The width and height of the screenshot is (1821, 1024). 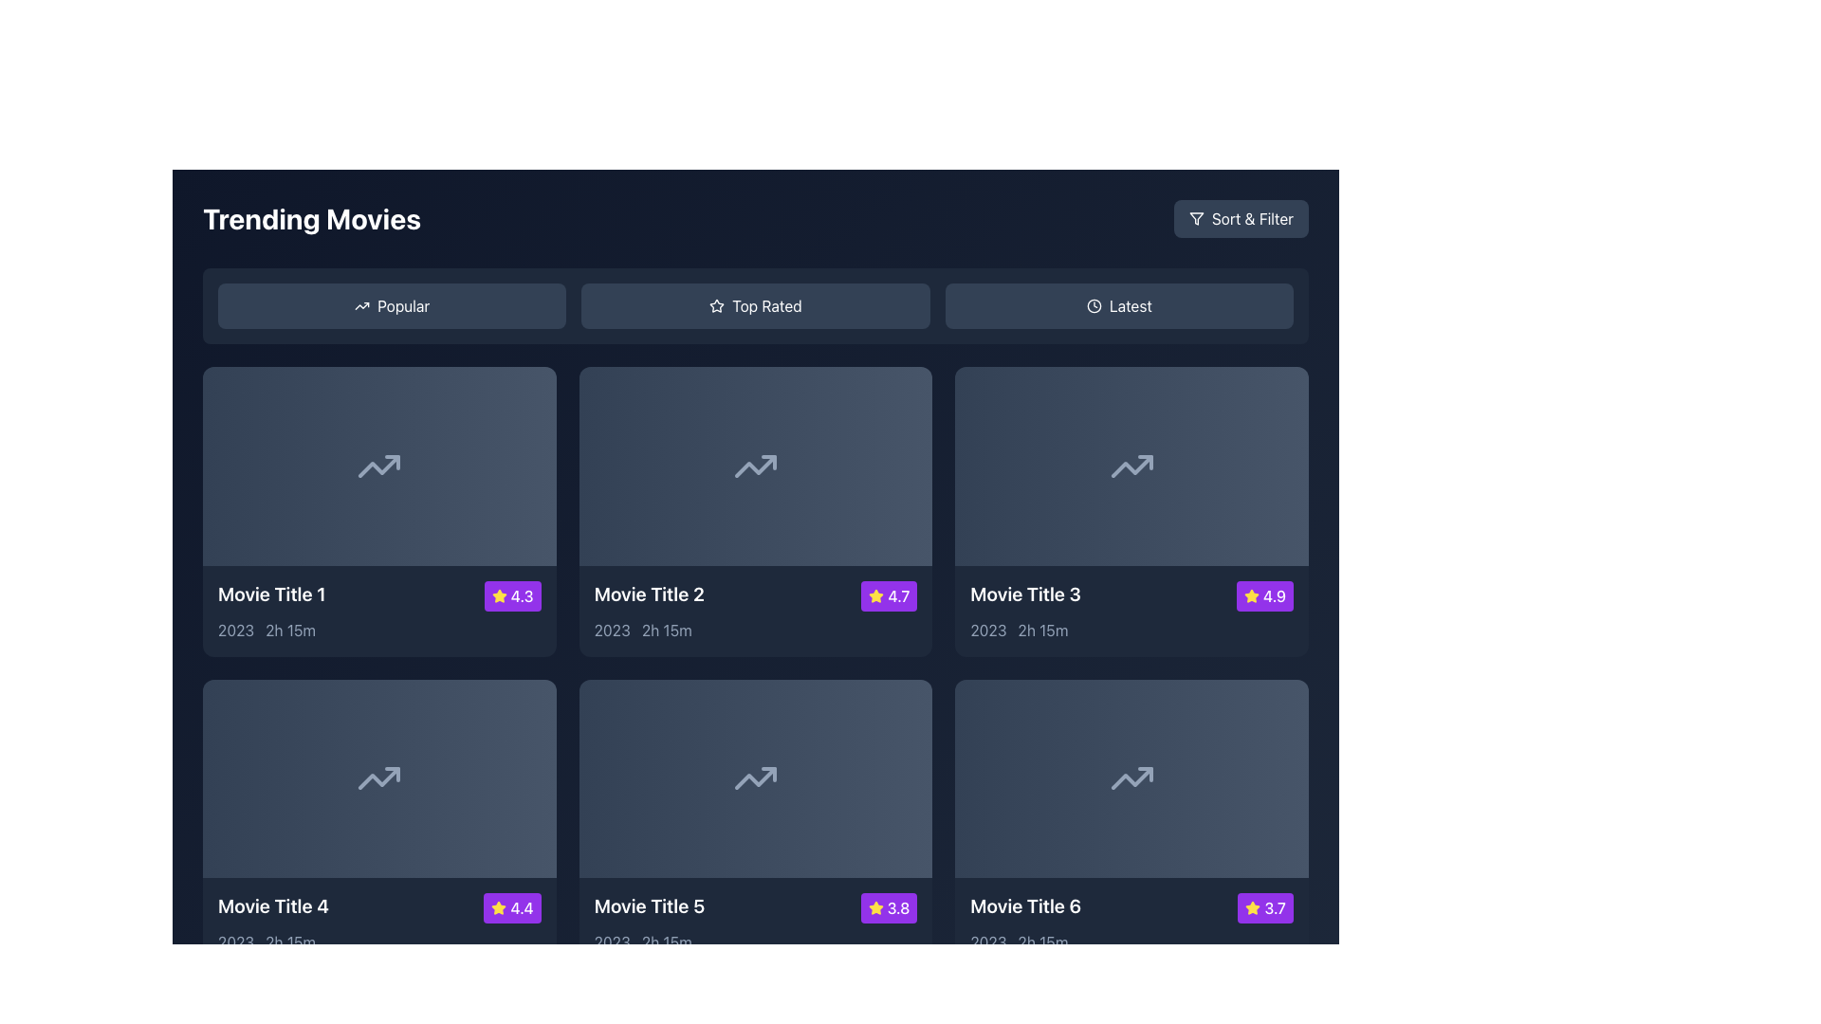 I want to click on the 'Popular' button located in the 'Trending Movies' section, which has a dark slate gray background and a white upward trending arrow icon, to trigger the hover effect, so click(x=391, y=305).